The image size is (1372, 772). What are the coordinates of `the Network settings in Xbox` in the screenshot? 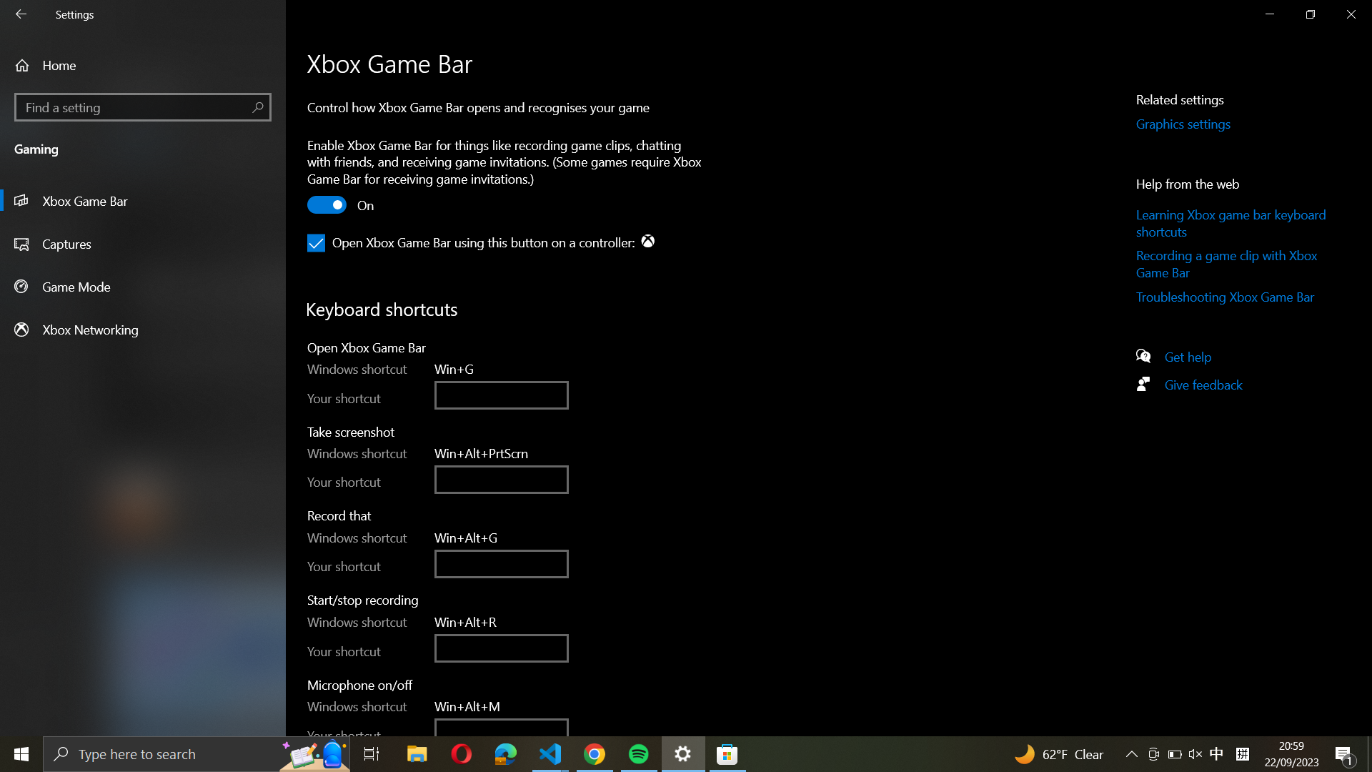 It's located at (143, 329).